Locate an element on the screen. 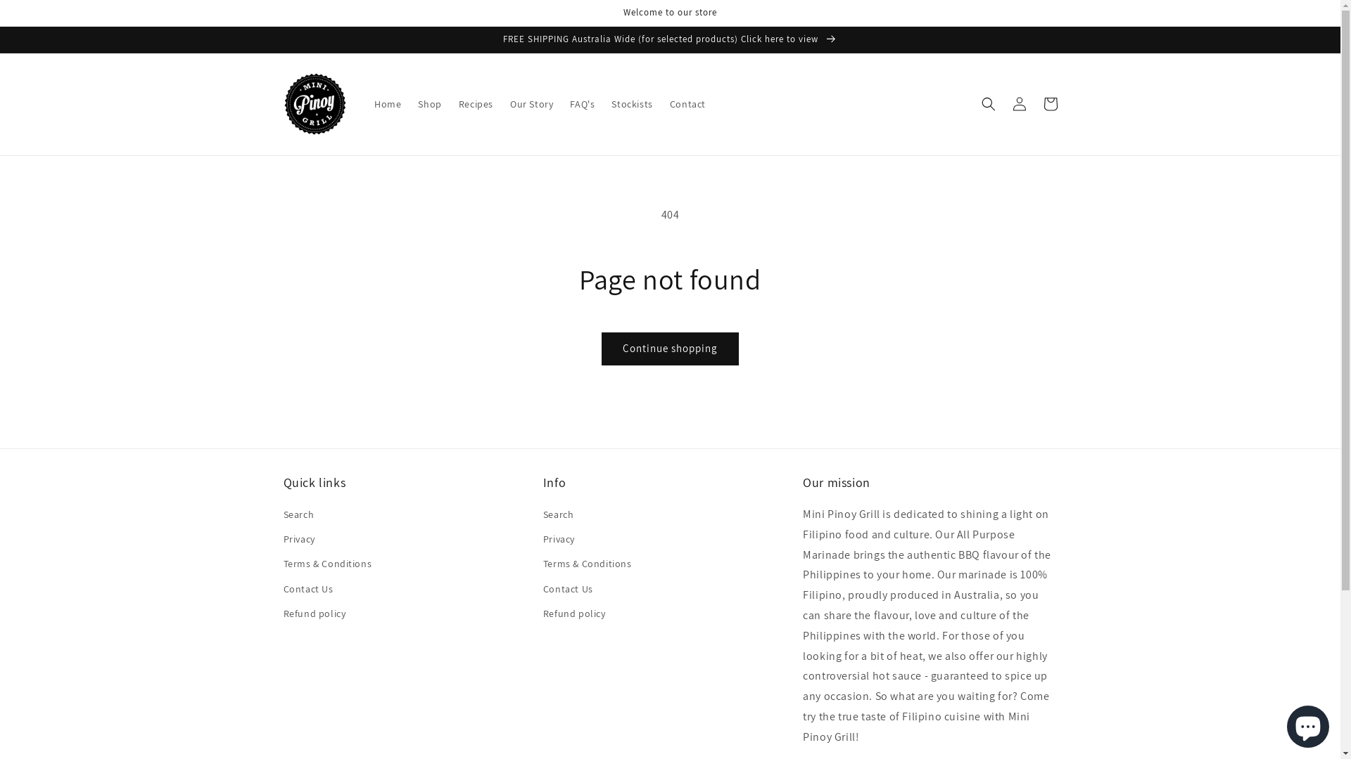 The height and width of the screenshot is (759, 1351). 'Shop' is located at coordinates (408, 103).